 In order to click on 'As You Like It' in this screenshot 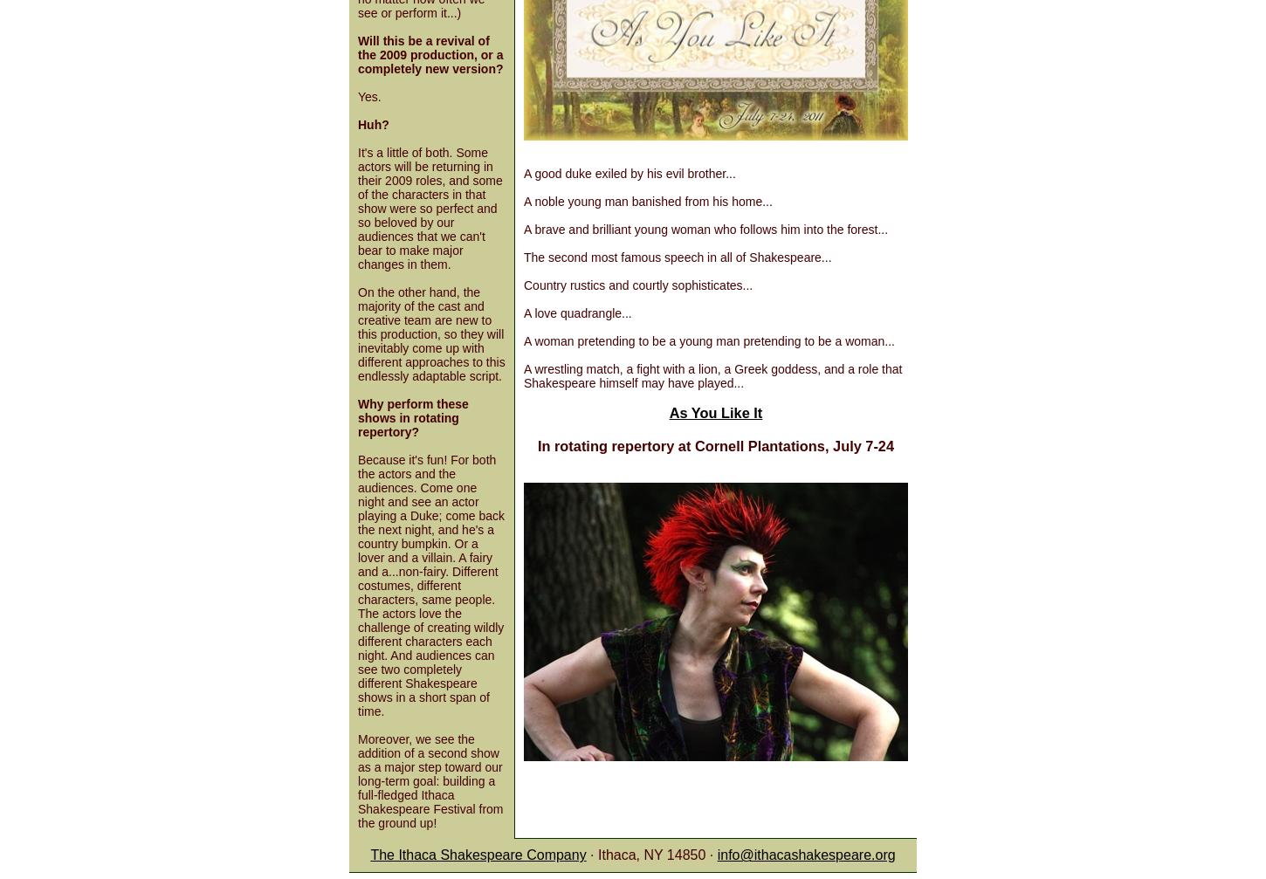, I will do `click(715, 411)`.